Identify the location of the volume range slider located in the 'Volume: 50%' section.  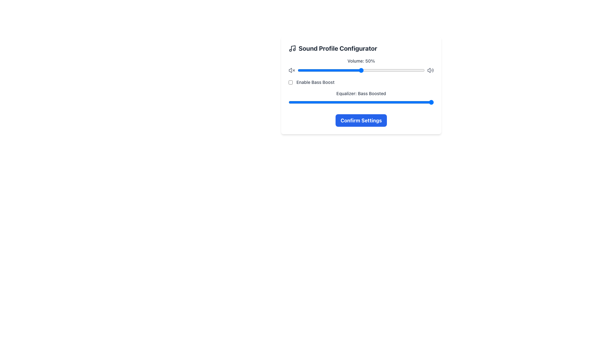
(361, 70).